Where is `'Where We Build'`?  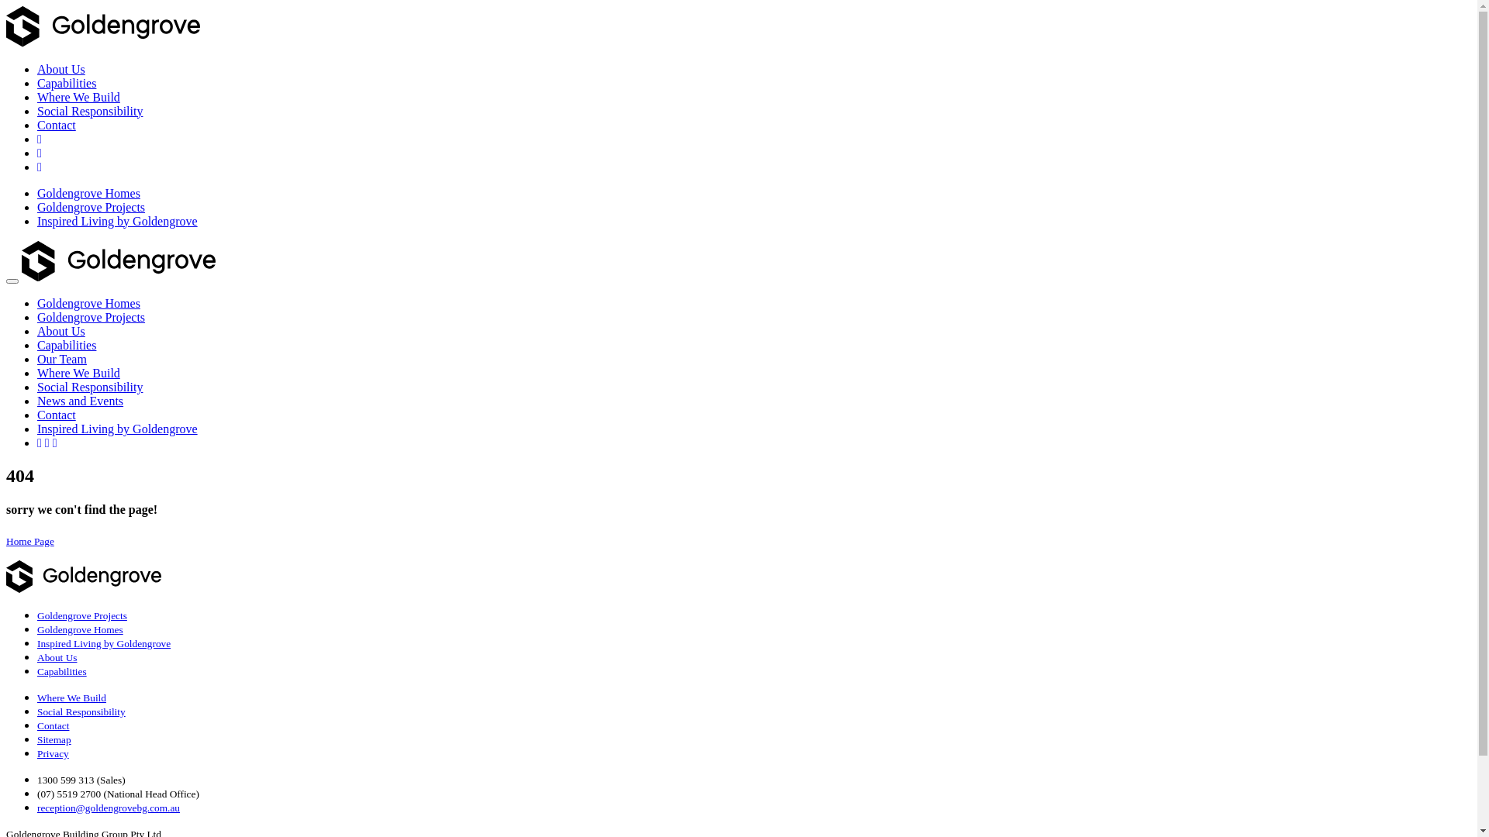
'Where We Build' is located at coordinates (71, 696).